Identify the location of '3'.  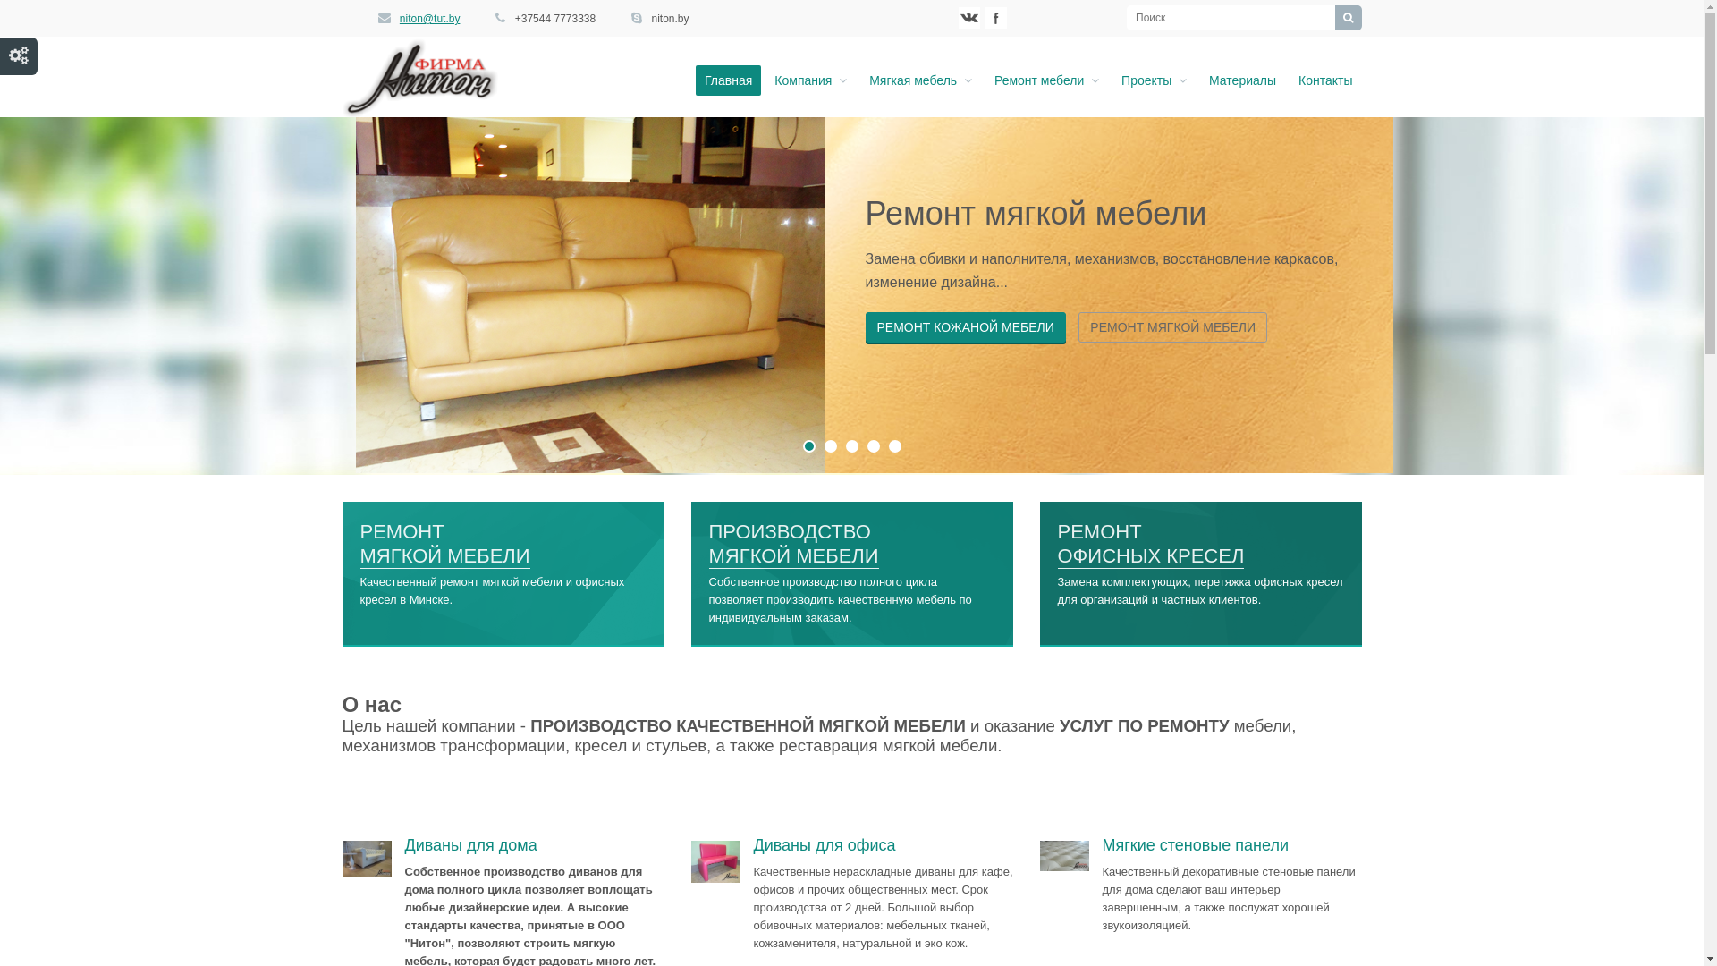
(851, 445).